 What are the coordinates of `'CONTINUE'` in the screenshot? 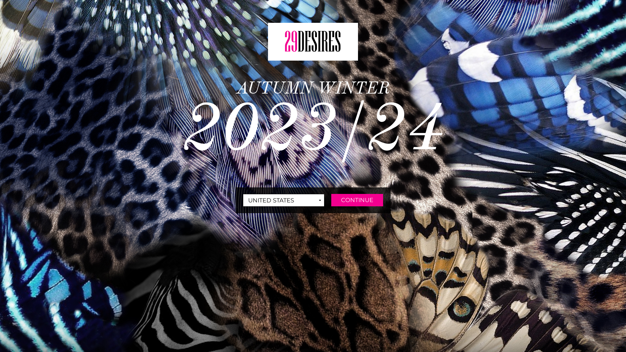 It's located at (357, 199).